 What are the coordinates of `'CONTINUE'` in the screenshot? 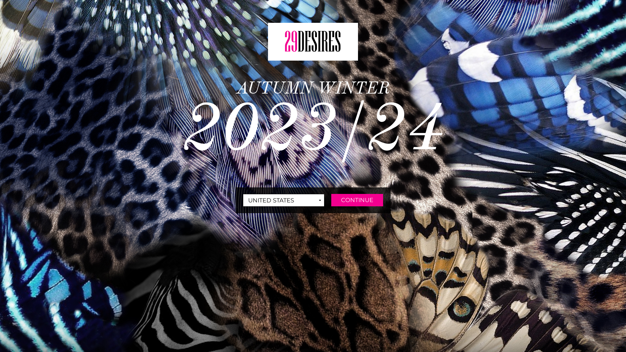 It's located at (357, 199).